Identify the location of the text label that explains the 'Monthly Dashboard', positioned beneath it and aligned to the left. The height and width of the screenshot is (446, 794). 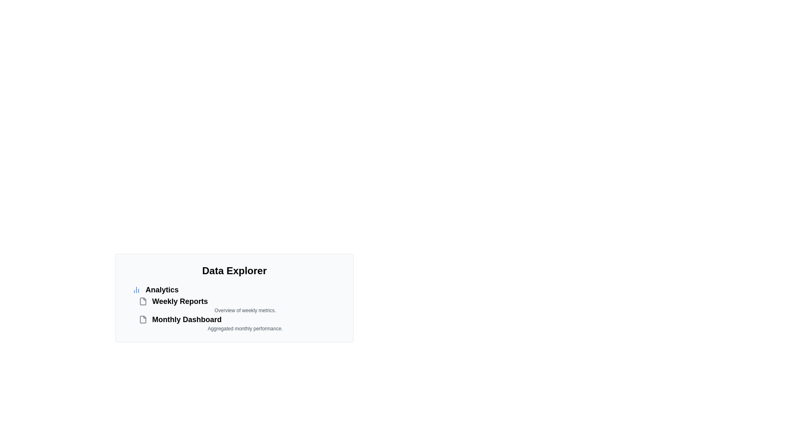
(245, 328).